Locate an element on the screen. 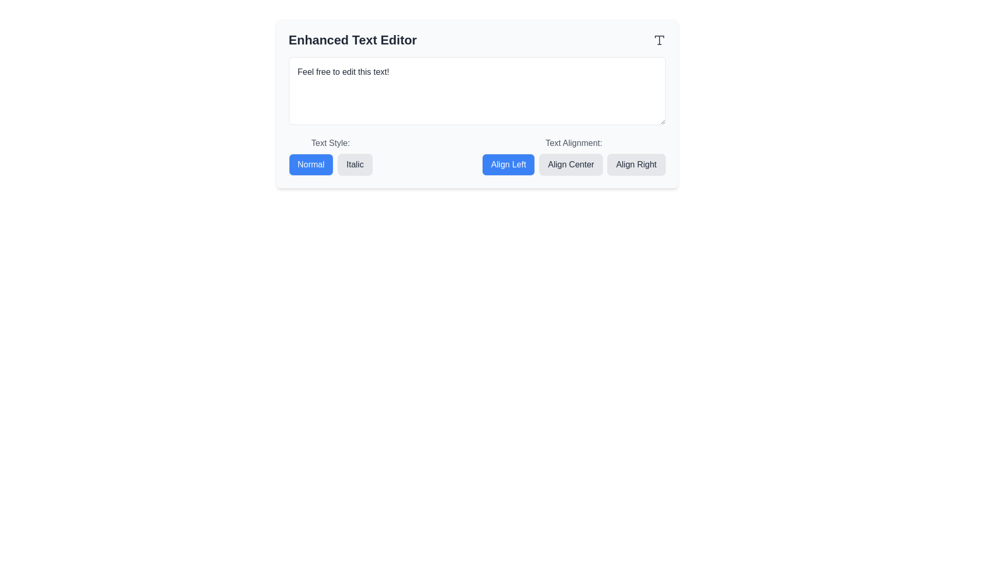 Image resolution: width=1005 pixels, height=565 pixels. the 'Normal' button in the Toggle button group below the 'Text Style:' label in the Enhanced Text Editor is located at coordinates (330, 165).